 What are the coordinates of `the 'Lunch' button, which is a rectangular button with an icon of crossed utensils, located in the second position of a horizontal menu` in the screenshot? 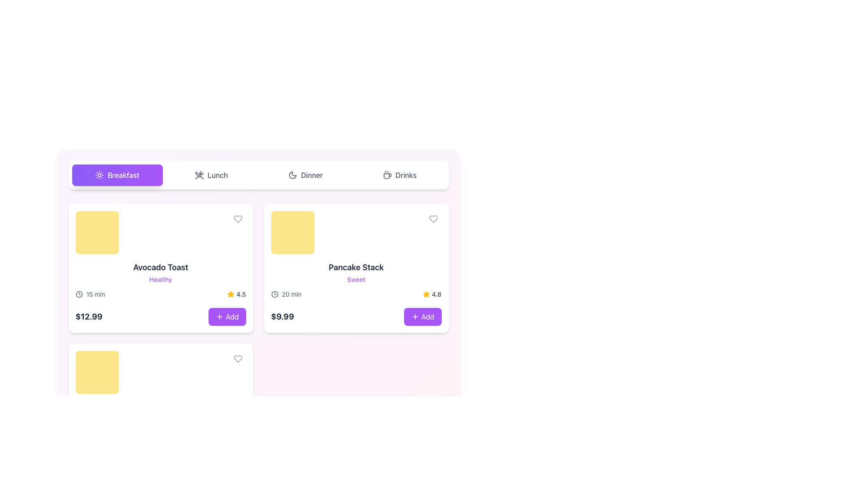 It's located at (211, 175).